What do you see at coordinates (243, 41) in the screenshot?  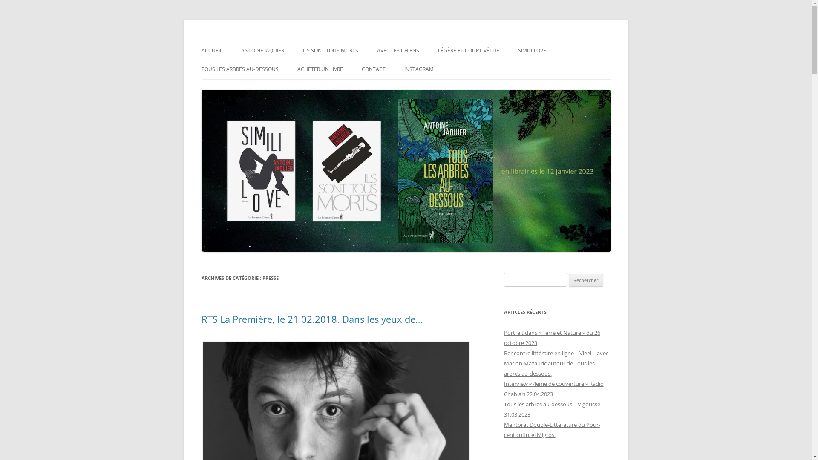 I see `'Antoine Jaquier'` at bounding box center [243, 41].